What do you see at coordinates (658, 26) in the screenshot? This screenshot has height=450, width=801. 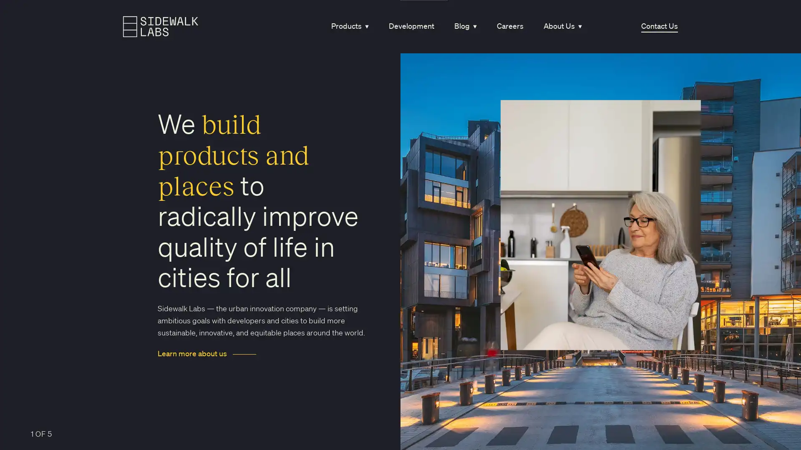 I see `Contact Us` at bounding box center [658, 26].